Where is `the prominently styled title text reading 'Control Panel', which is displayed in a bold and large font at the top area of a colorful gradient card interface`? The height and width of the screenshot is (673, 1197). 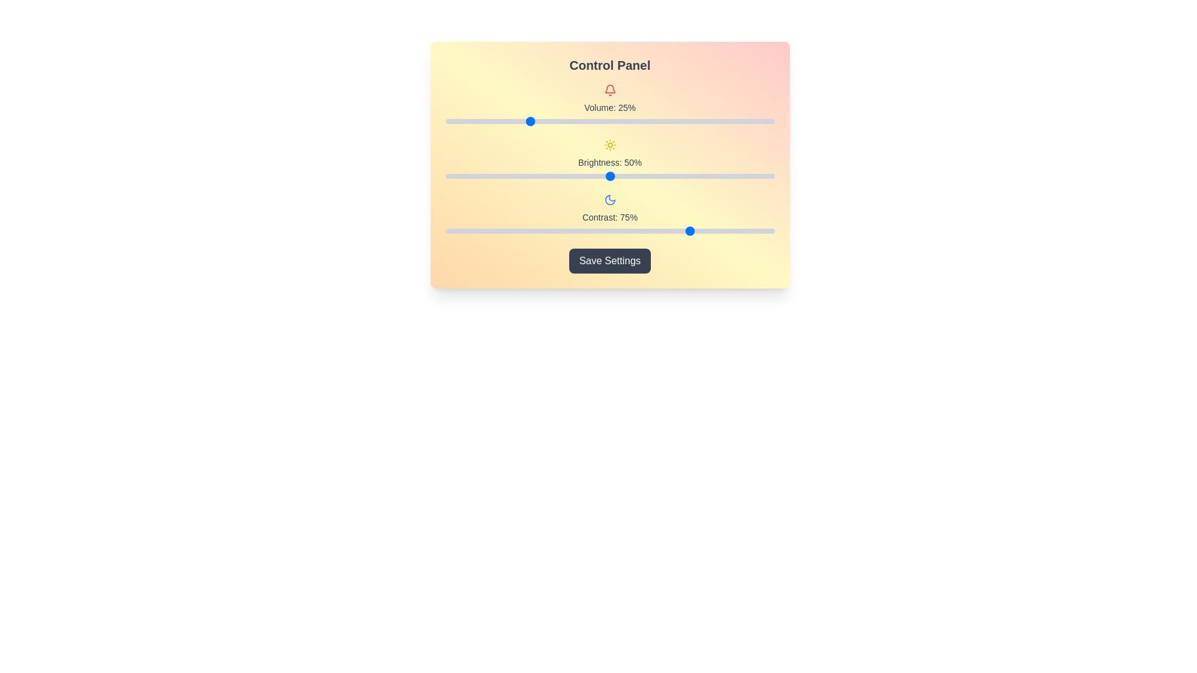
the prominently styled title text reading 'Control Panel', which is displayed in a bold and large font at the top area of a colorful gradient card interface is located at coordinates (610, 65).